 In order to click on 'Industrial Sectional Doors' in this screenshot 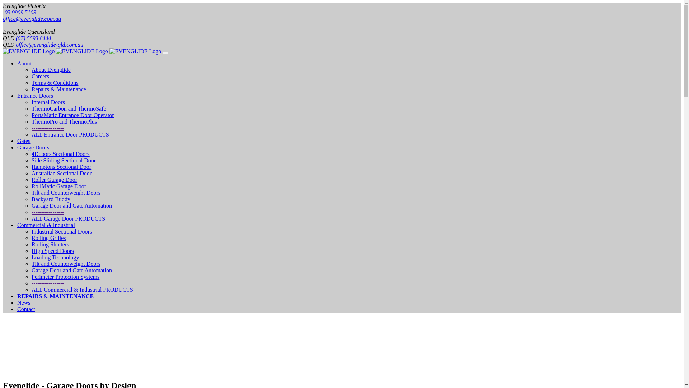, I will do `click(62, 231)`.